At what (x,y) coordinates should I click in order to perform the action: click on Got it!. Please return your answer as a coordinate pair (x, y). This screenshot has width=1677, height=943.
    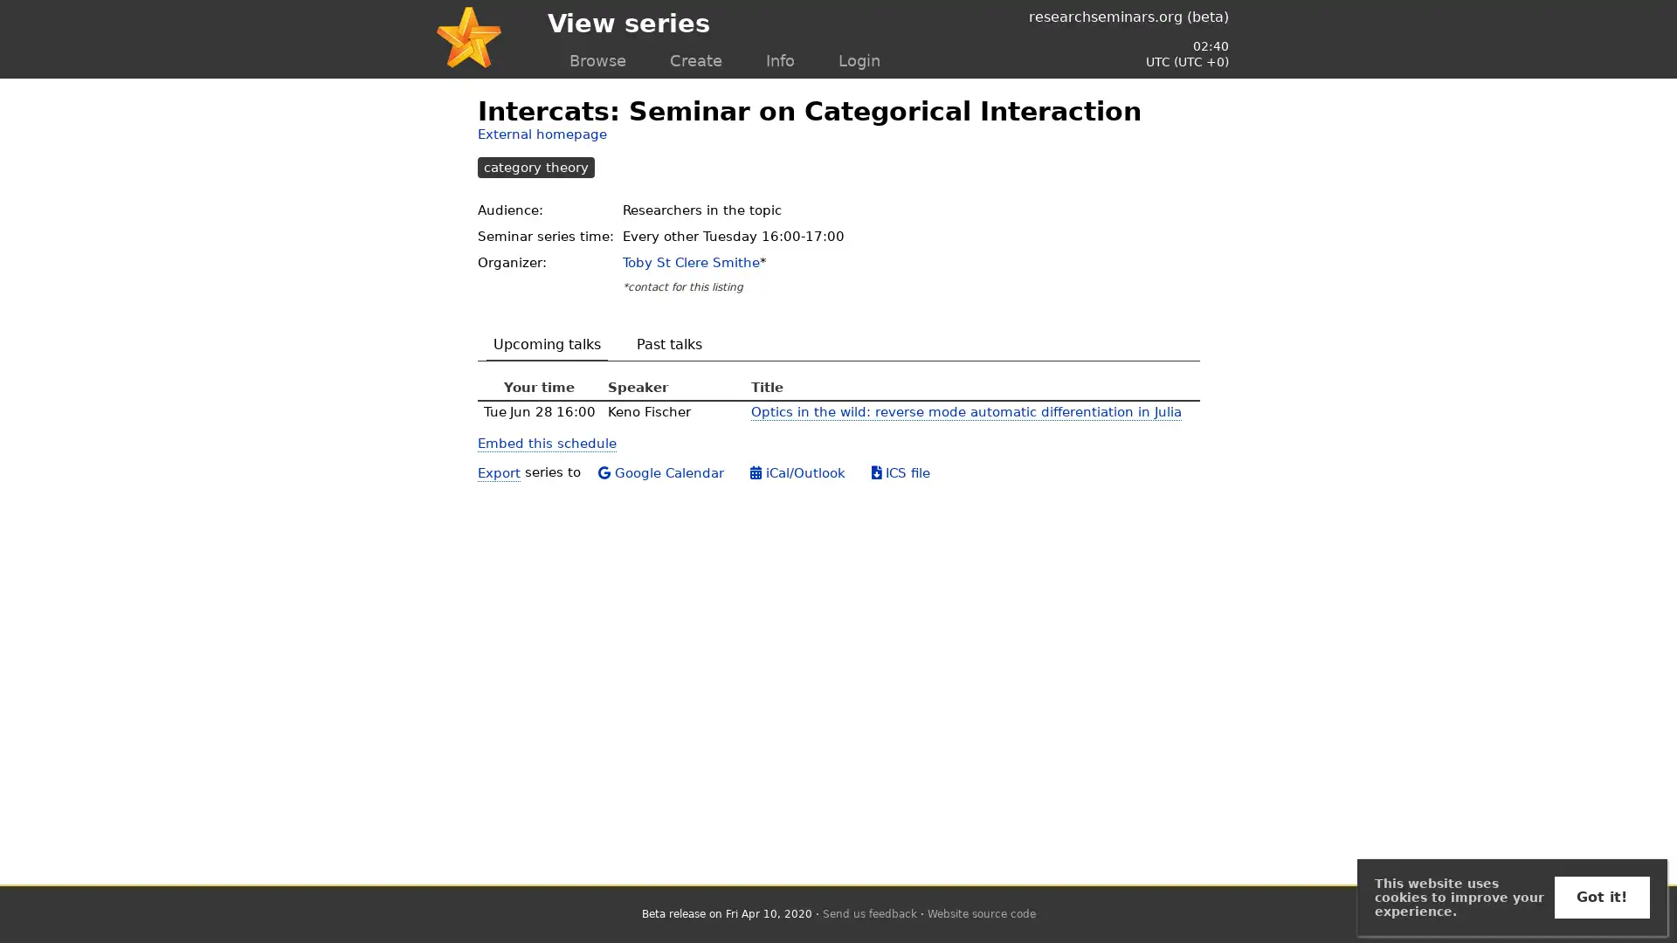
    Looking at the image, I should click on (1601, 898).